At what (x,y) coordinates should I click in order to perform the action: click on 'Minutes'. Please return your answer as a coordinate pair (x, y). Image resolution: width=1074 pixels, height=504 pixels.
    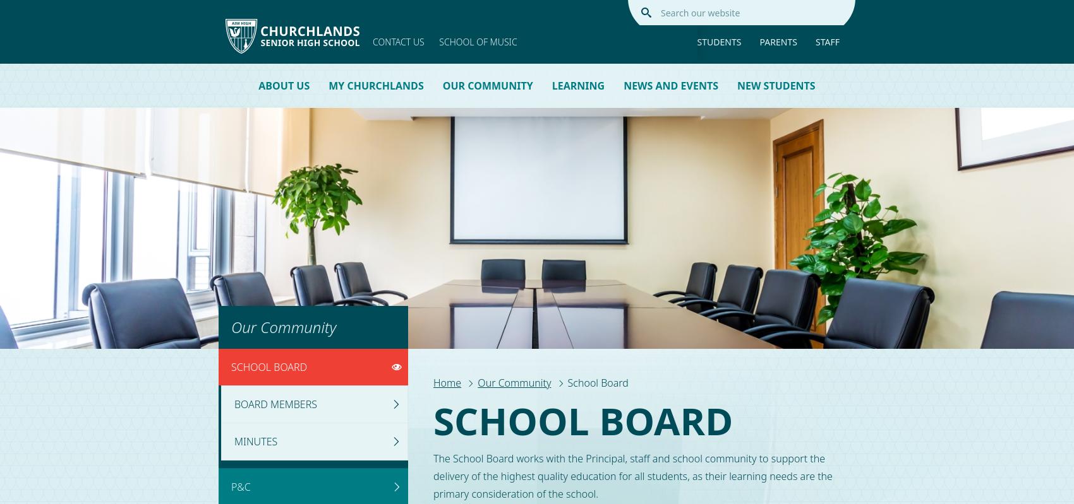
    Looking at the image, I should click on (255, 440).